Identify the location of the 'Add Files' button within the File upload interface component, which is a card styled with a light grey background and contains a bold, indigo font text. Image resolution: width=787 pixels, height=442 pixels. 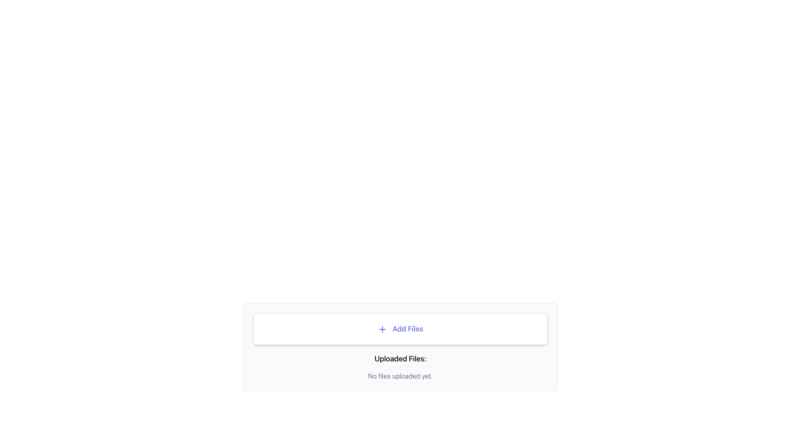
(400, 347).